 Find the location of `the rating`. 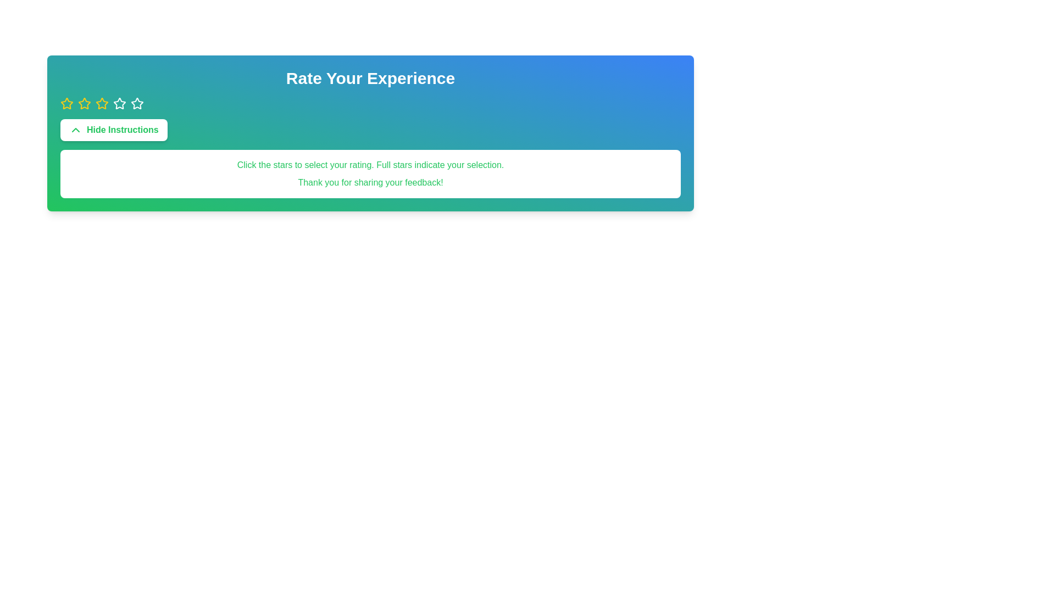

the rating is located at coordinates (66, 104).